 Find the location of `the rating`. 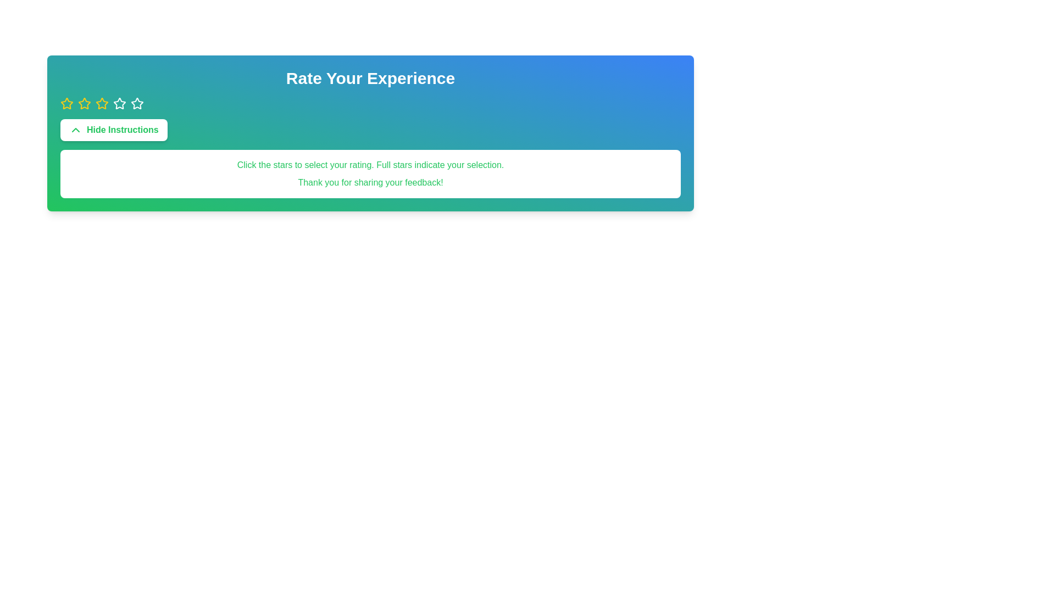

the rating is located at coordinates (66, 104).